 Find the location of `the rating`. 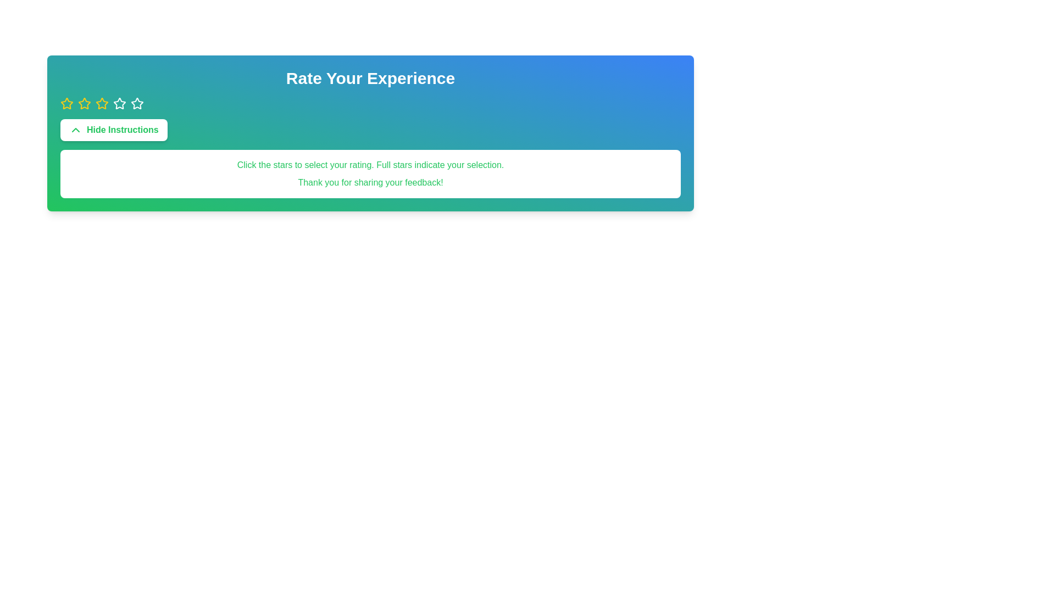

the rating is located at coordinates (66, 104).